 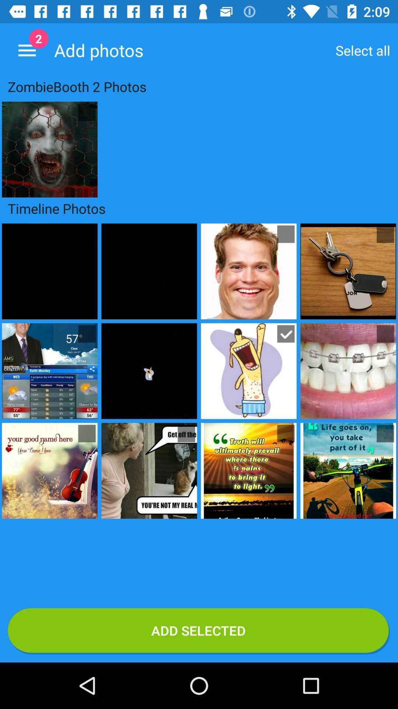 I want to click on the selected photo in second row, so click(x=285, y=333).